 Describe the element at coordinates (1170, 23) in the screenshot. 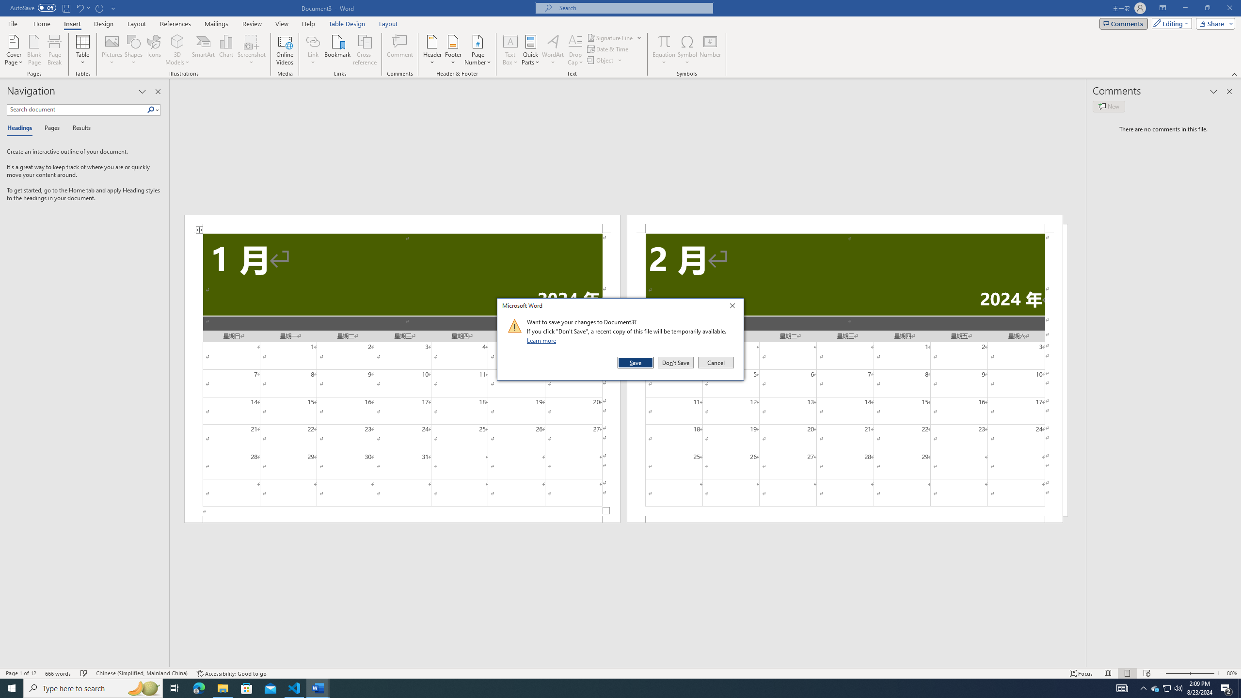

I see `'Mode'` at that location.